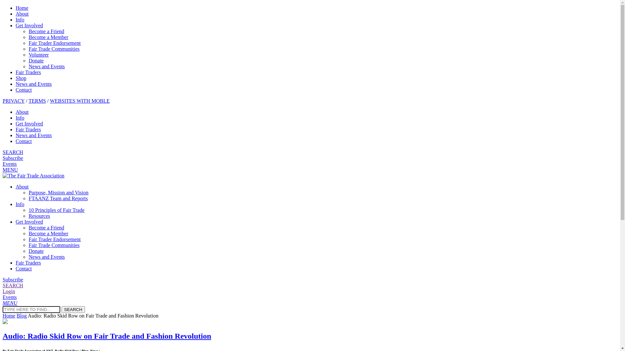 The image size is (625, 351). Describe the element at coordinates (9, 297) in the screenshot. I see `'Events'` at that location.